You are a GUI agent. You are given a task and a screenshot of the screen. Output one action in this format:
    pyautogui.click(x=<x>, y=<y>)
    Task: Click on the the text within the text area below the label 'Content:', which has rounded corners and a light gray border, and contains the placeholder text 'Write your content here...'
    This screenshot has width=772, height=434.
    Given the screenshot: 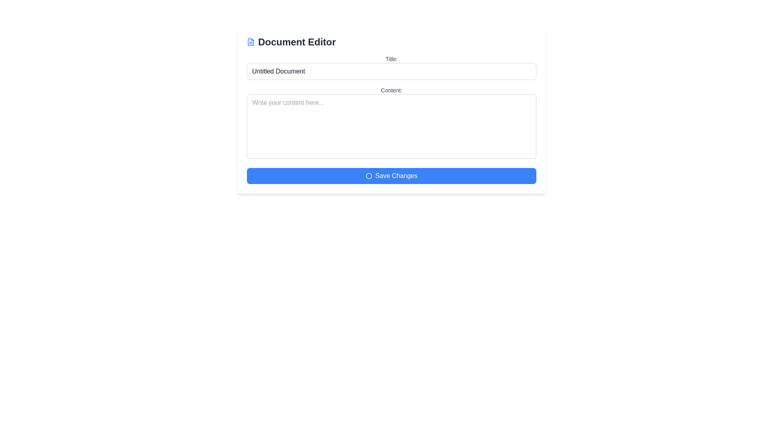 What is the action you would take?
    pyautogui.click(x=392, y=127)
    